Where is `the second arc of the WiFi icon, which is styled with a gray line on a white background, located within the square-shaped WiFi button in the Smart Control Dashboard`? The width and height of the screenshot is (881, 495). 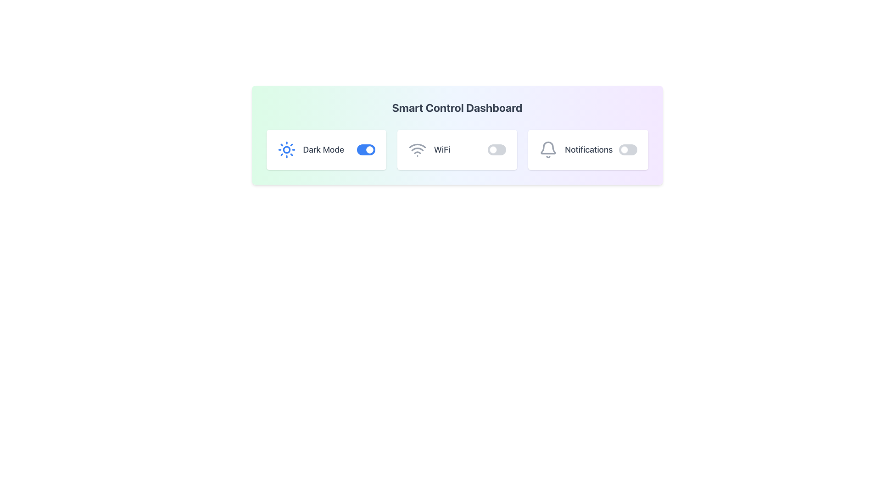
the second arc of the WiFi icon, which is styled with a gray line on a white background, located within the square-shaped WiFi button in the Smart Control Dashboard is located at coordinates (417, 145).